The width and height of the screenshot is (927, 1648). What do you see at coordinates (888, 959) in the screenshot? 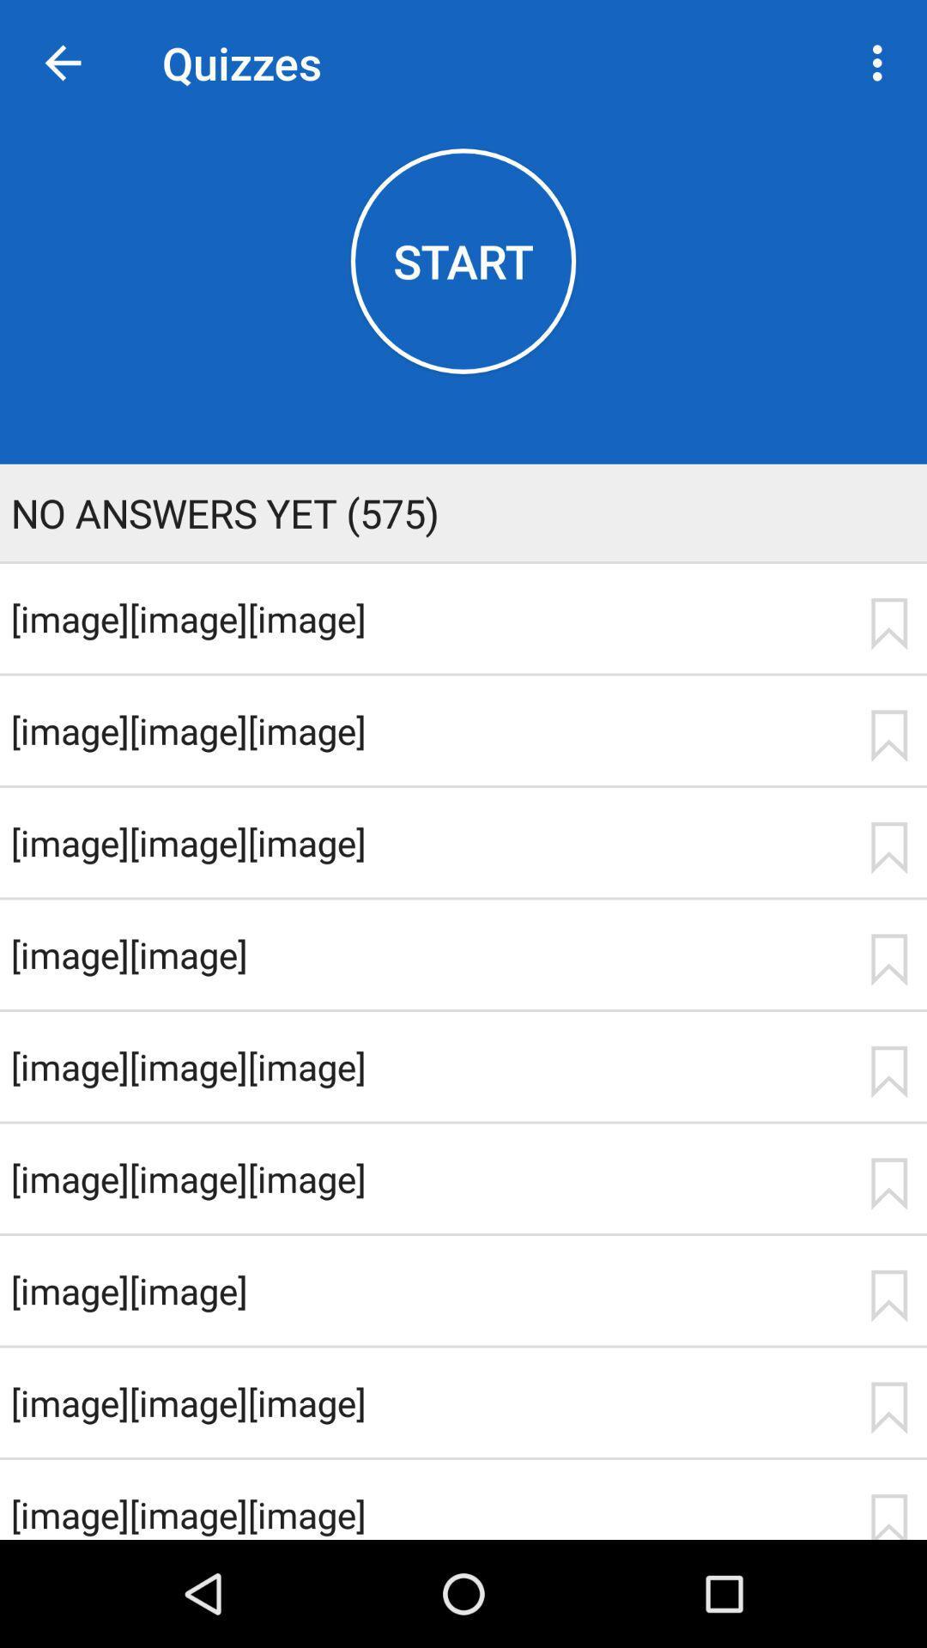
I see `item to the right of the [image][image] item` at bounding box center [888, 959].